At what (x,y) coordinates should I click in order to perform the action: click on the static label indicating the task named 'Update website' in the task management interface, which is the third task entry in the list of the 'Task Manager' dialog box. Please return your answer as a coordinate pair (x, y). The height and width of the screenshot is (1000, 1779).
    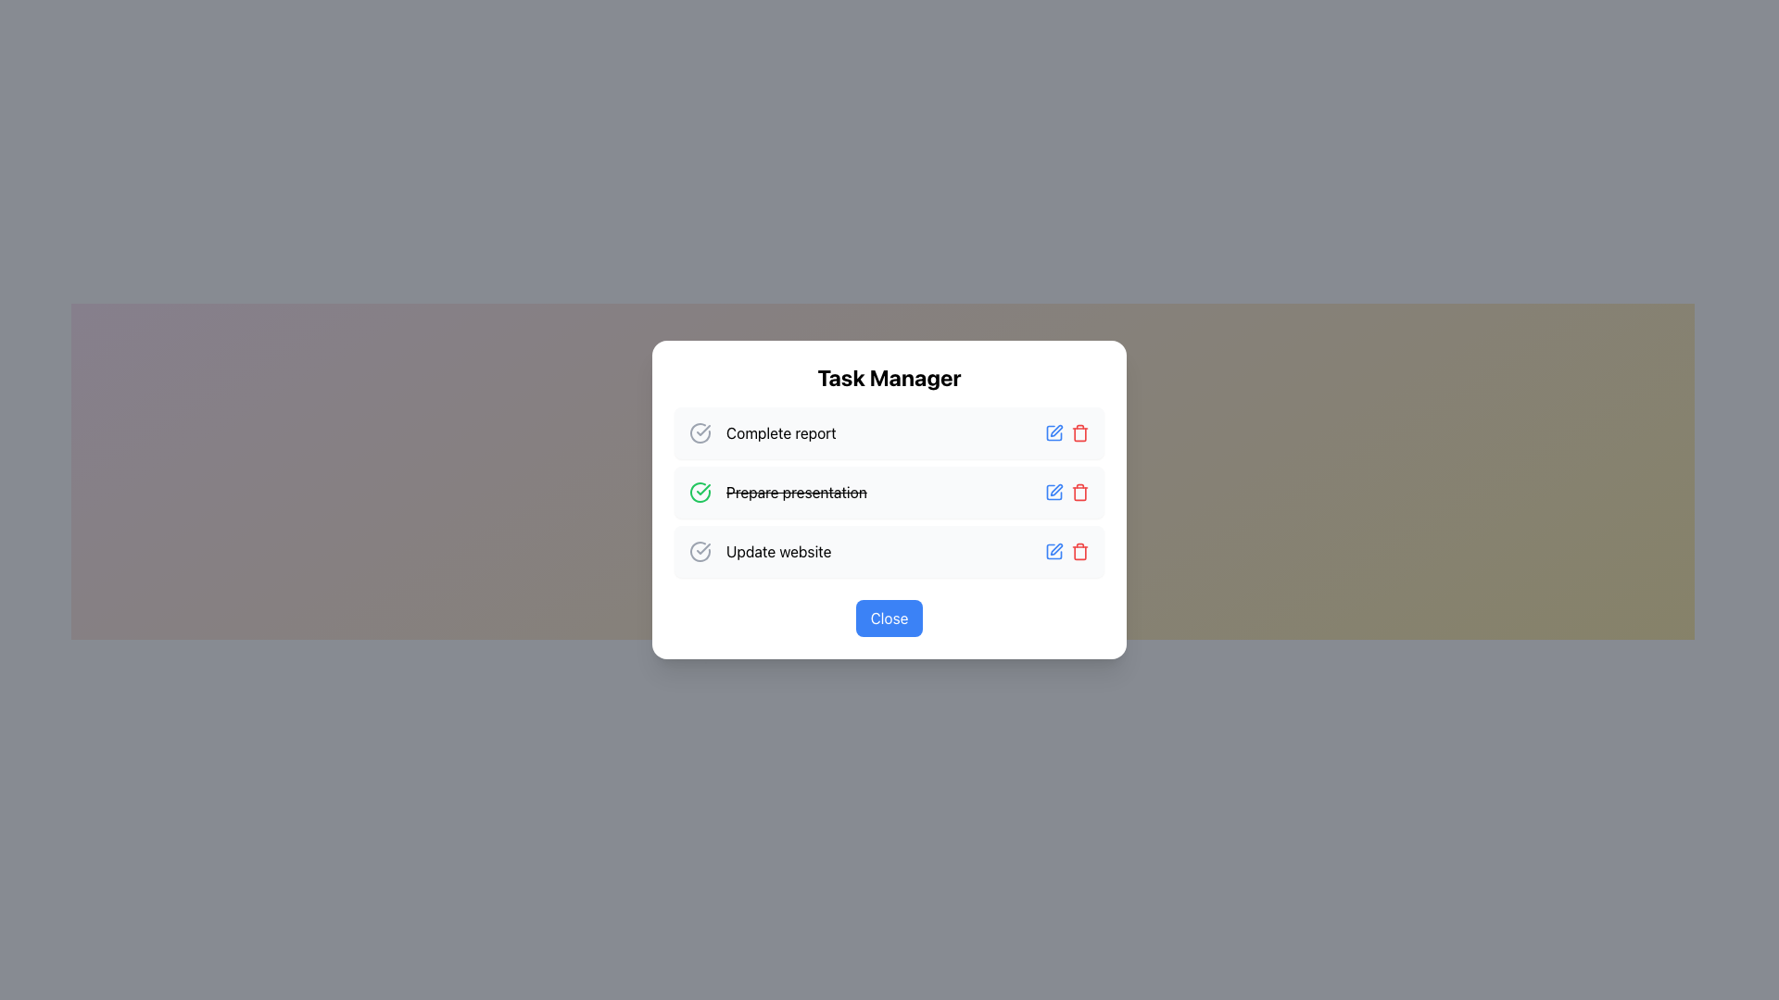
    Looking at the image, I should click on (778, 551).